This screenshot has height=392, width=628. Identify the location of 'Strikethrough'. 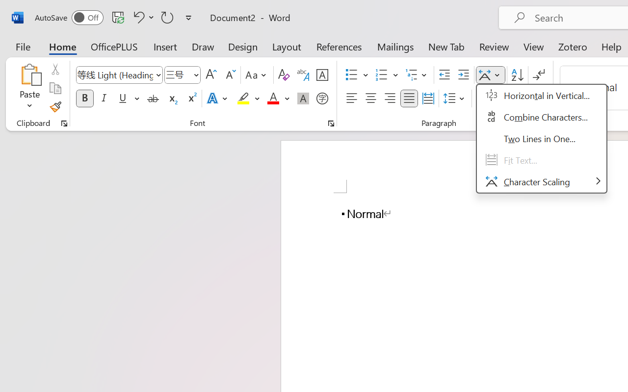
(153, 98).